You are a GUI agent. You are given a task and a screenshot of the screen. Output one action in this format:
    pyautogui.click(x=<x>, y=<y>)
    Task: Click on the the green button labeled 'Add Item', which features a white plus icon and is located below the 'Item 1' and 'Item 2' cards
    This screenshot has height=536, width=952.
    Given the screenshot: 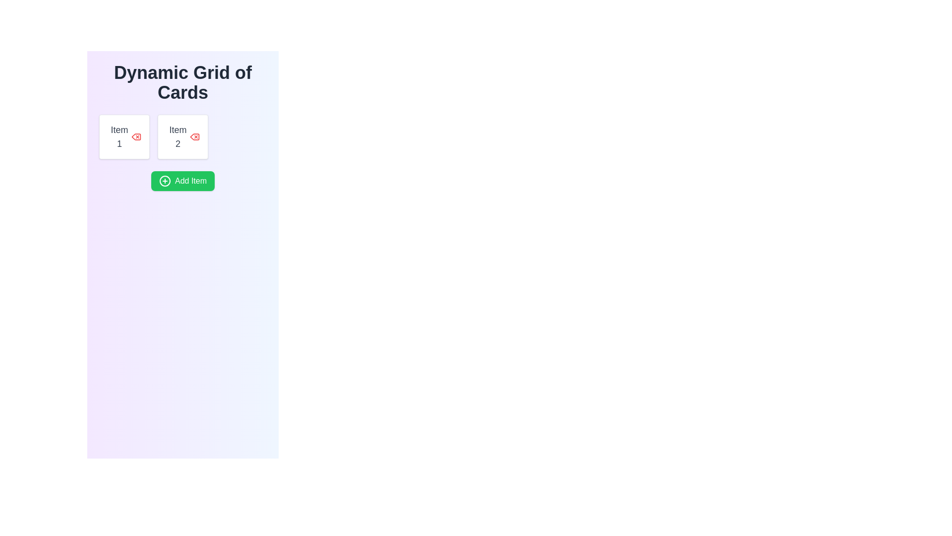 What is the action you would take?
    pyautogui.click(x=183, y=181)
    